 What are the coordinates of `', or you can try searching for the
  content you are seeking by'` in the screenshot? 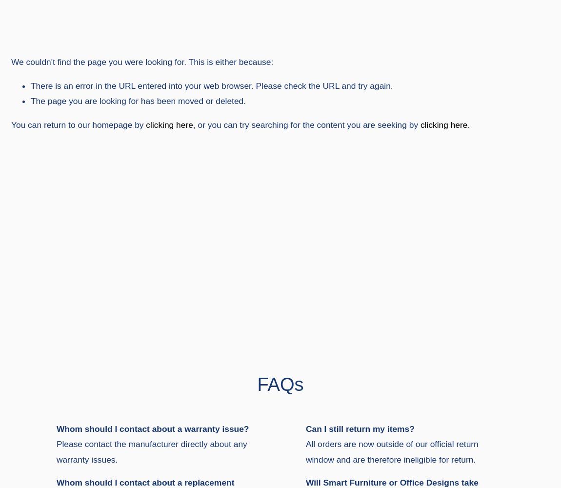 It's located at (306, 124).